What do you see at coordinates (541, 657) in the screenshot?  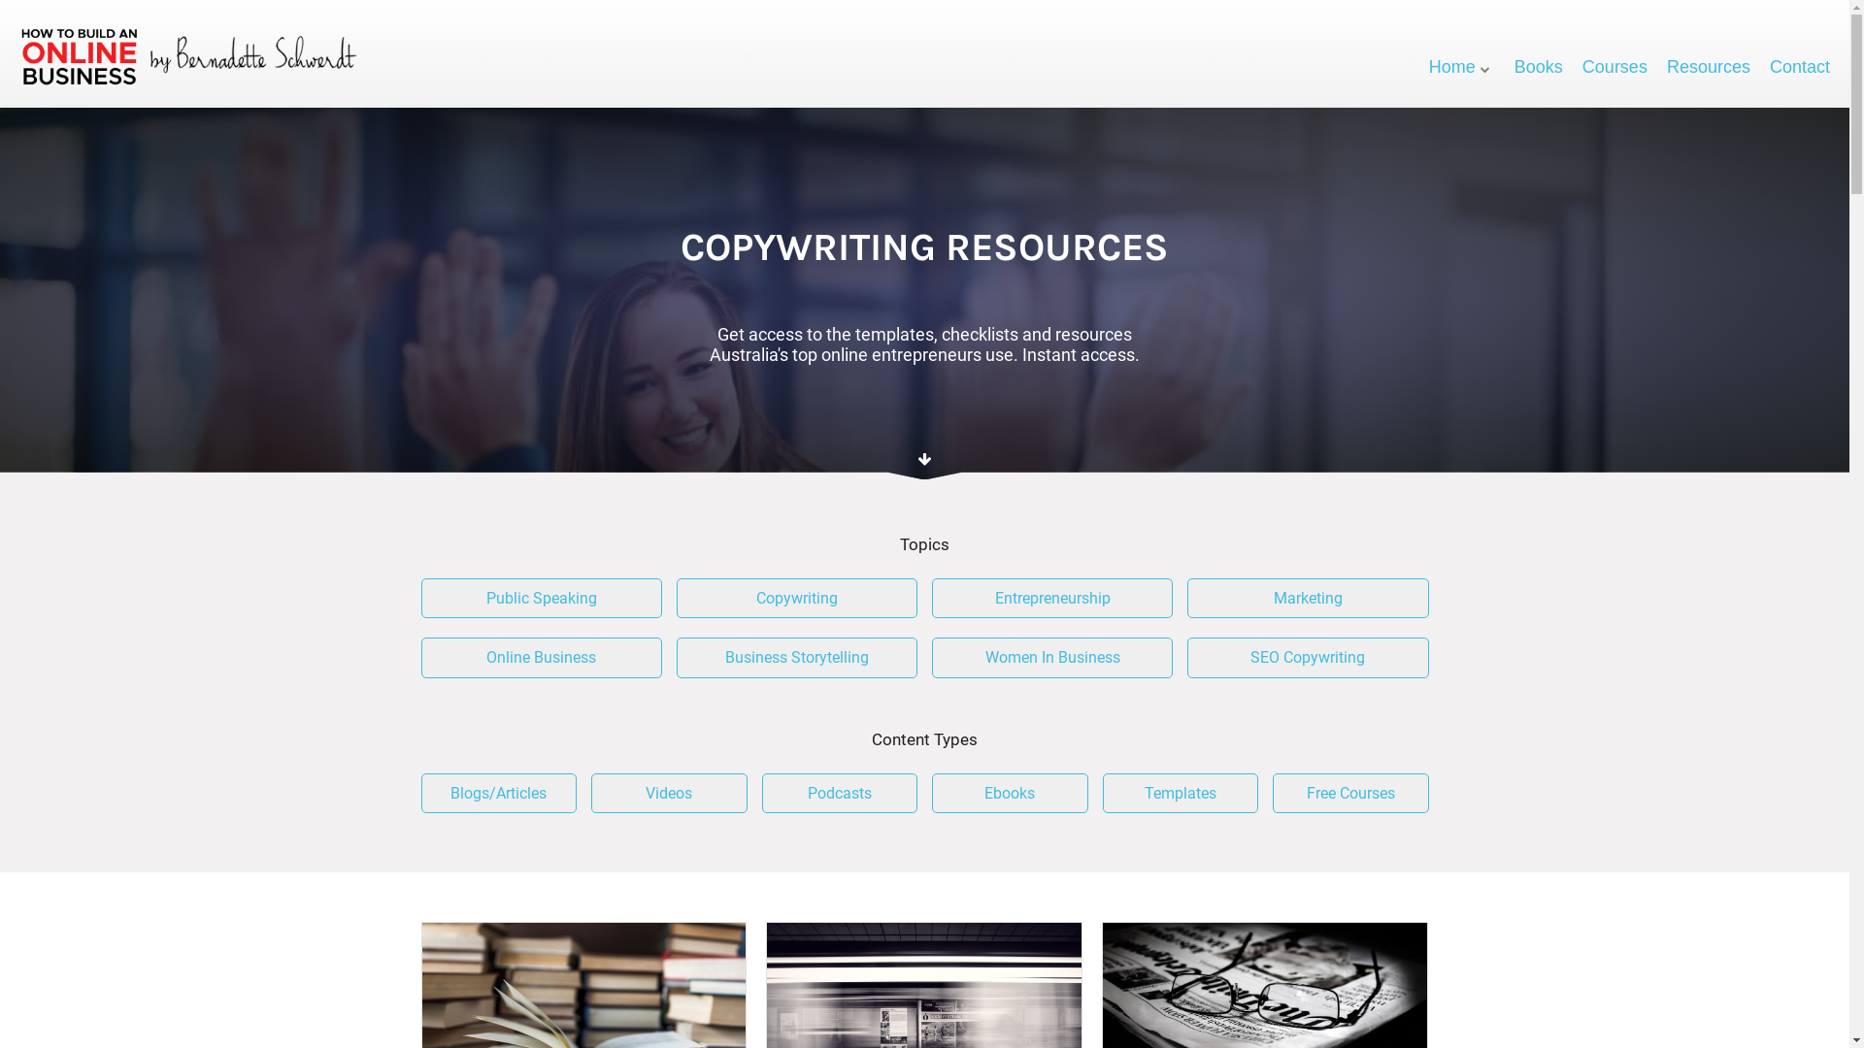 I see `'Online Business'` at bounding box center [541, 657].